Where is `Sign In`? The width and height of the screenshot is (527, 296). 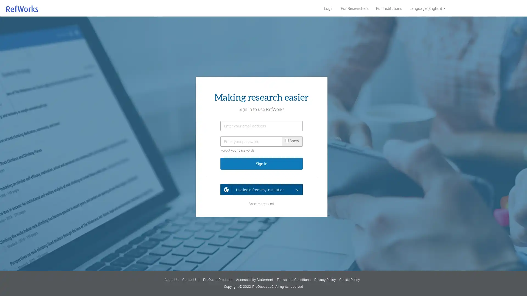
Sign In is located at coordinates (261, 163).